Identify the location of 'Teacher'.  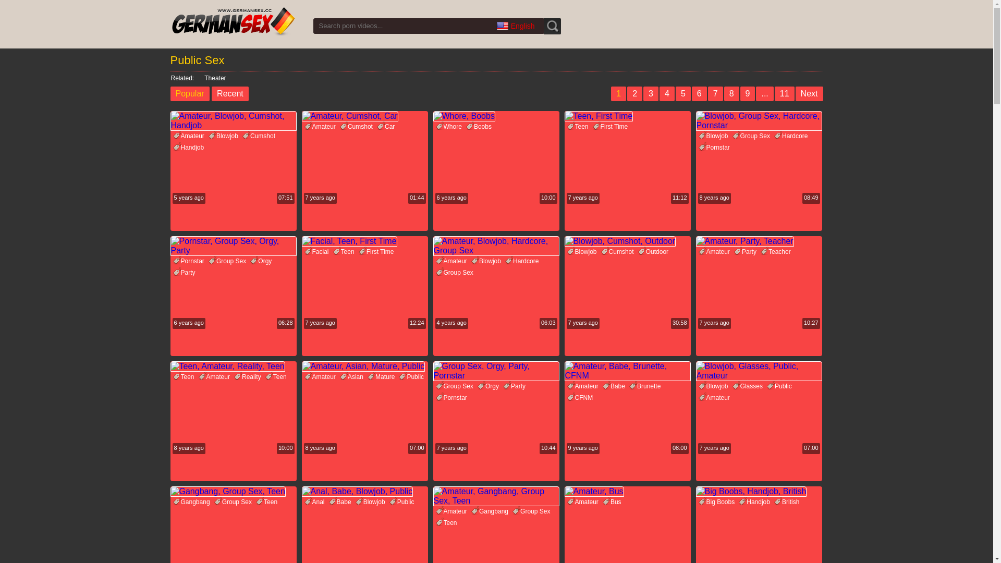
(777, 251).